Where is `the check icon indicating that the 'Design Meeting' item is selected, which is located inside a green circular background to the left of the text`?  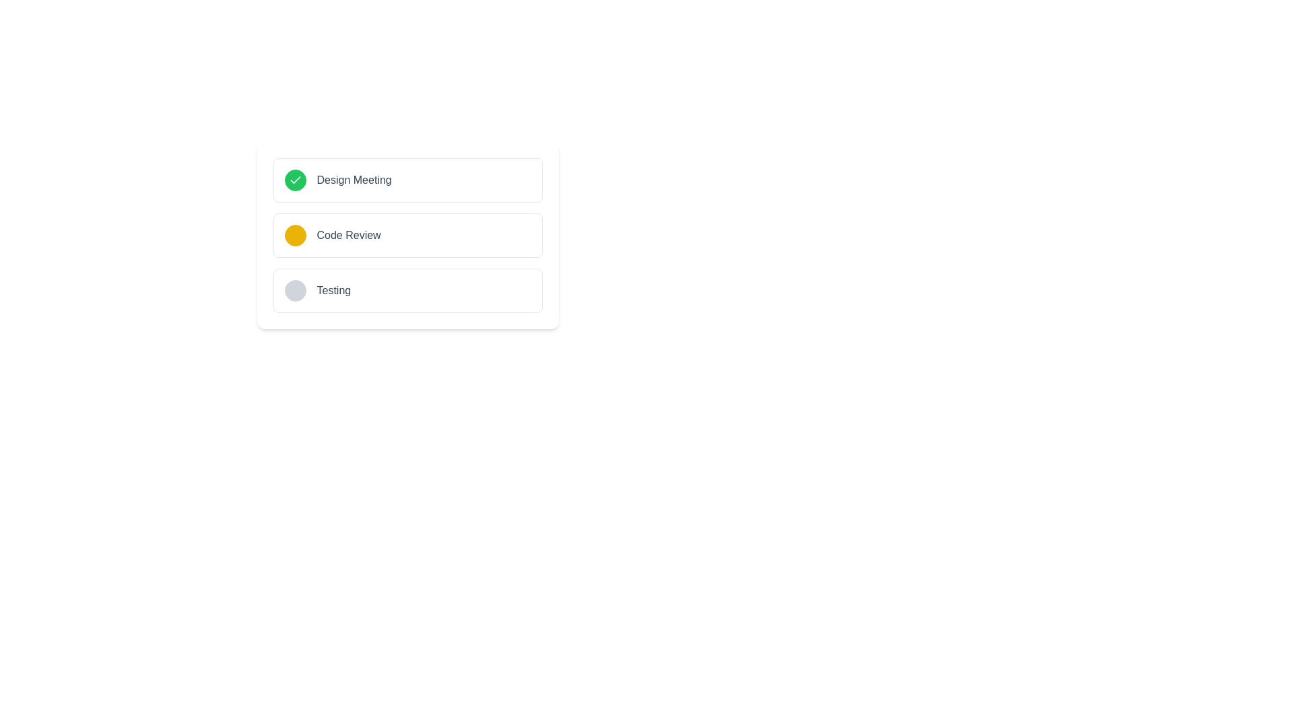 the check icon indicating that the 'Design Meeting' item is selected, which is located inside a green circular background to the left of the text is located at coordinates (294, 179).